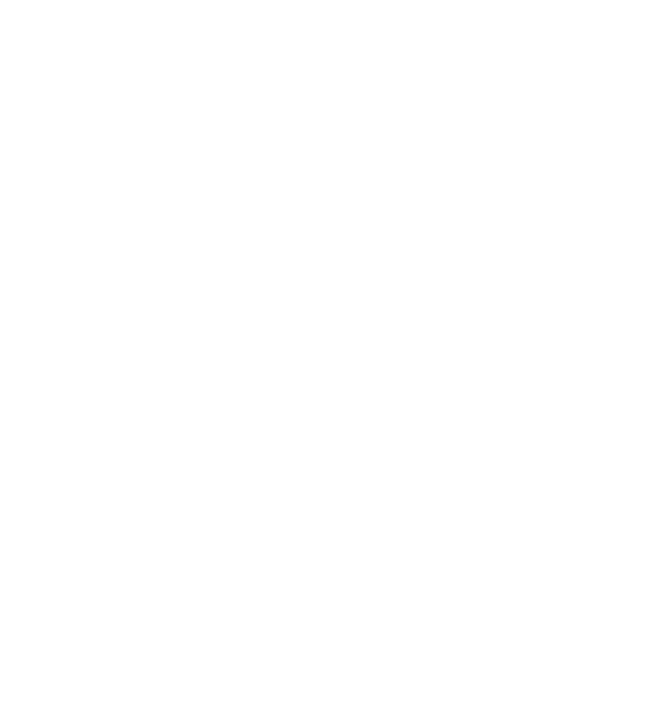  Describe the element at coordinates (169, 640) in the screenshot. I see `'Clive Young'` at that location.